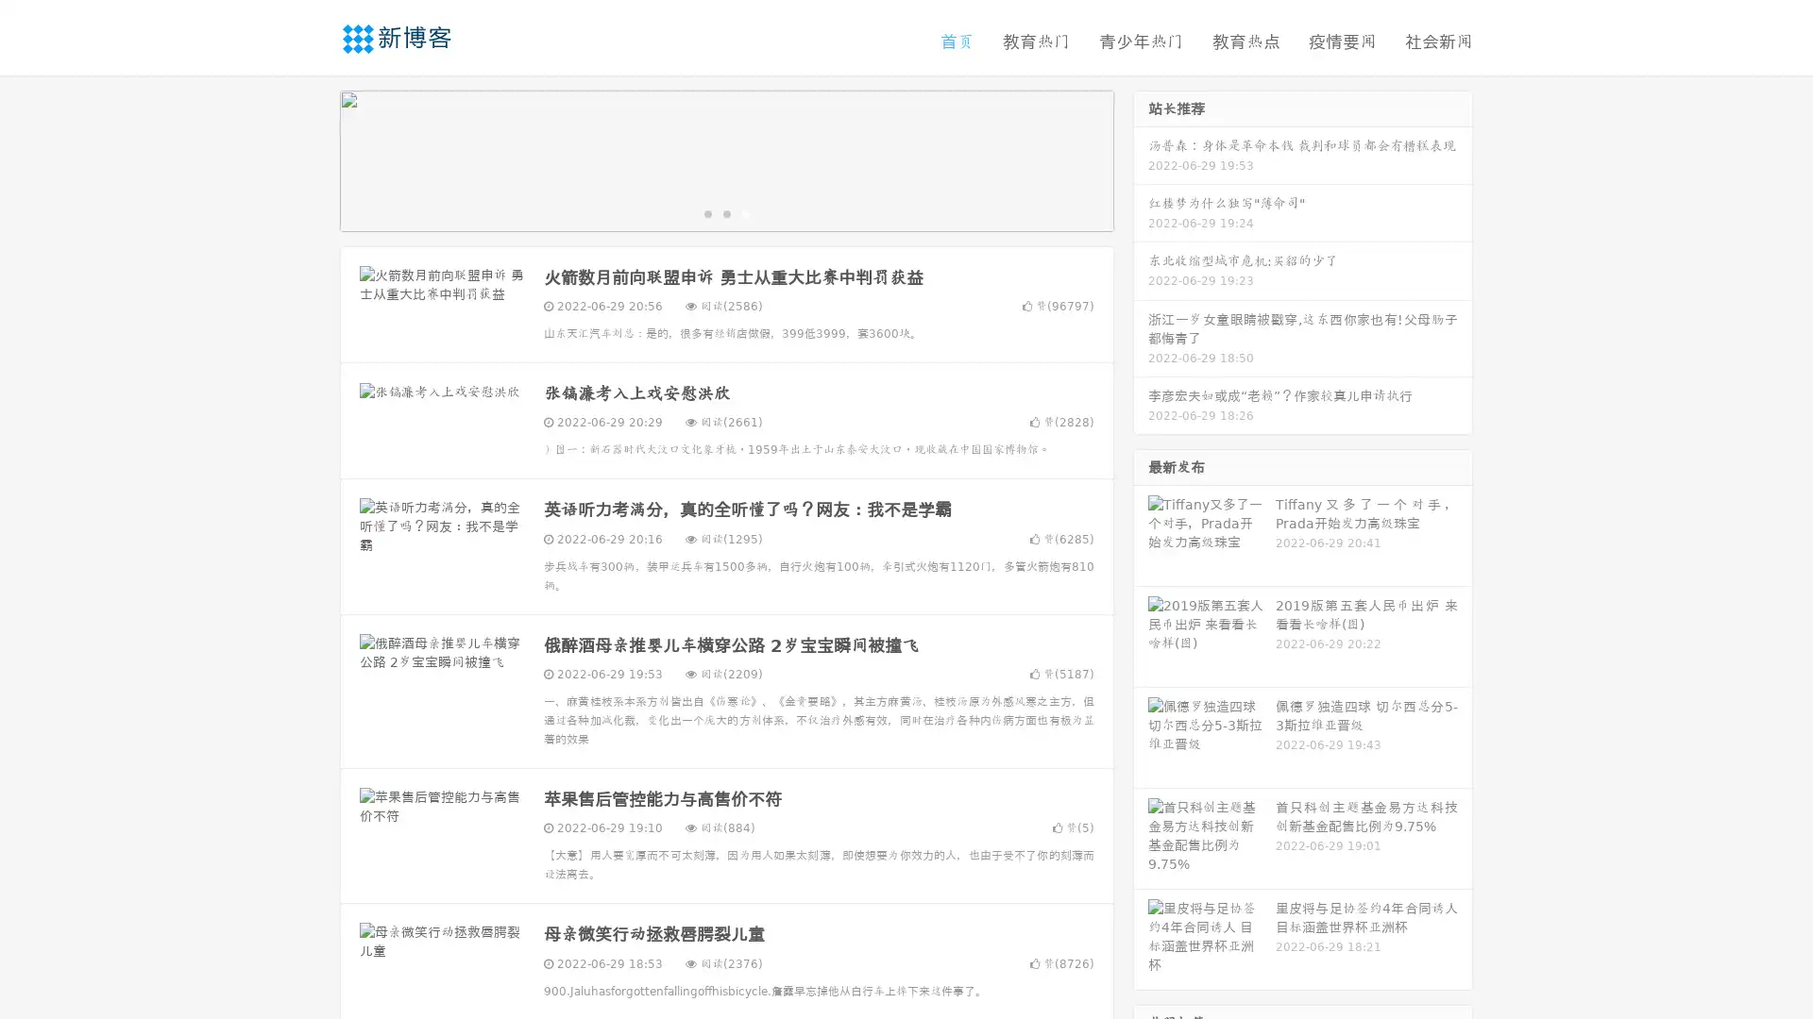 Image resolution: width=1813 pixels, height=1019 pixels. What do you see at coordinates (706, 212) in the screenshot?
I see `Go to slide 1` at bounding box center [706, 212].